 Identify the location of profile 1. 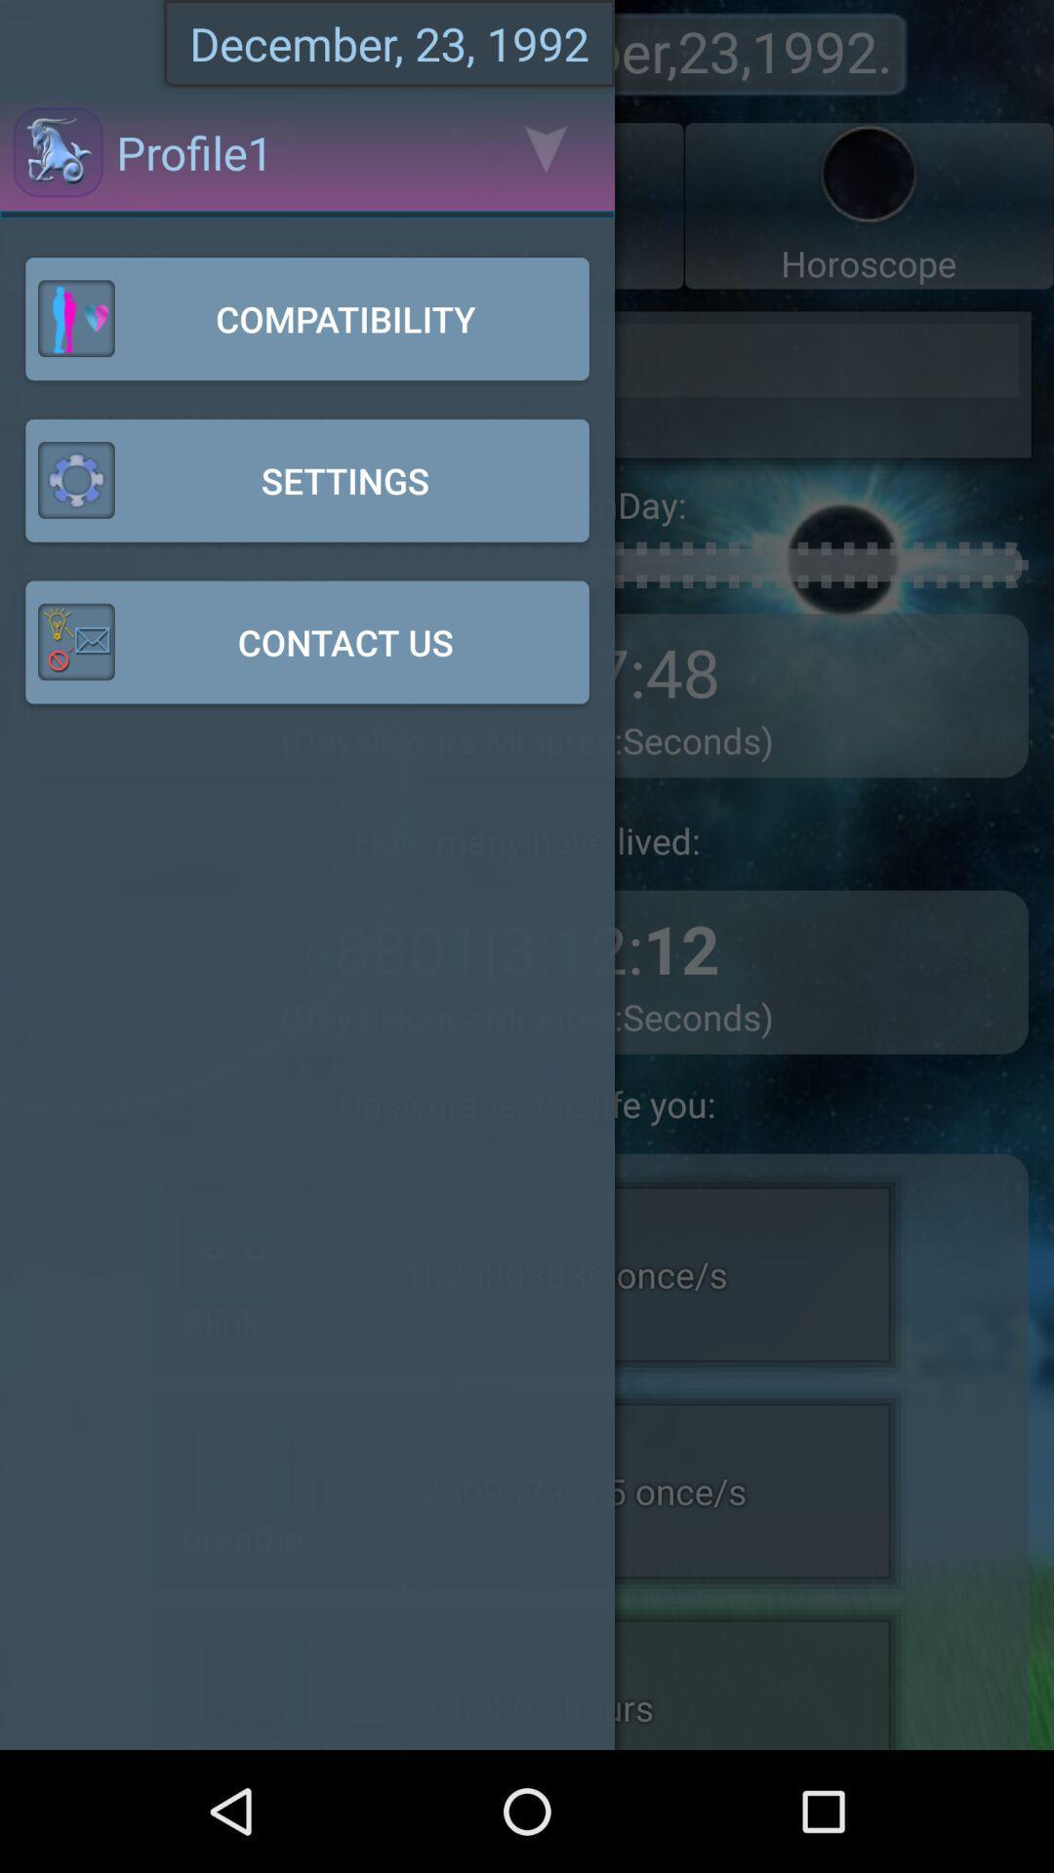
(146, 206).